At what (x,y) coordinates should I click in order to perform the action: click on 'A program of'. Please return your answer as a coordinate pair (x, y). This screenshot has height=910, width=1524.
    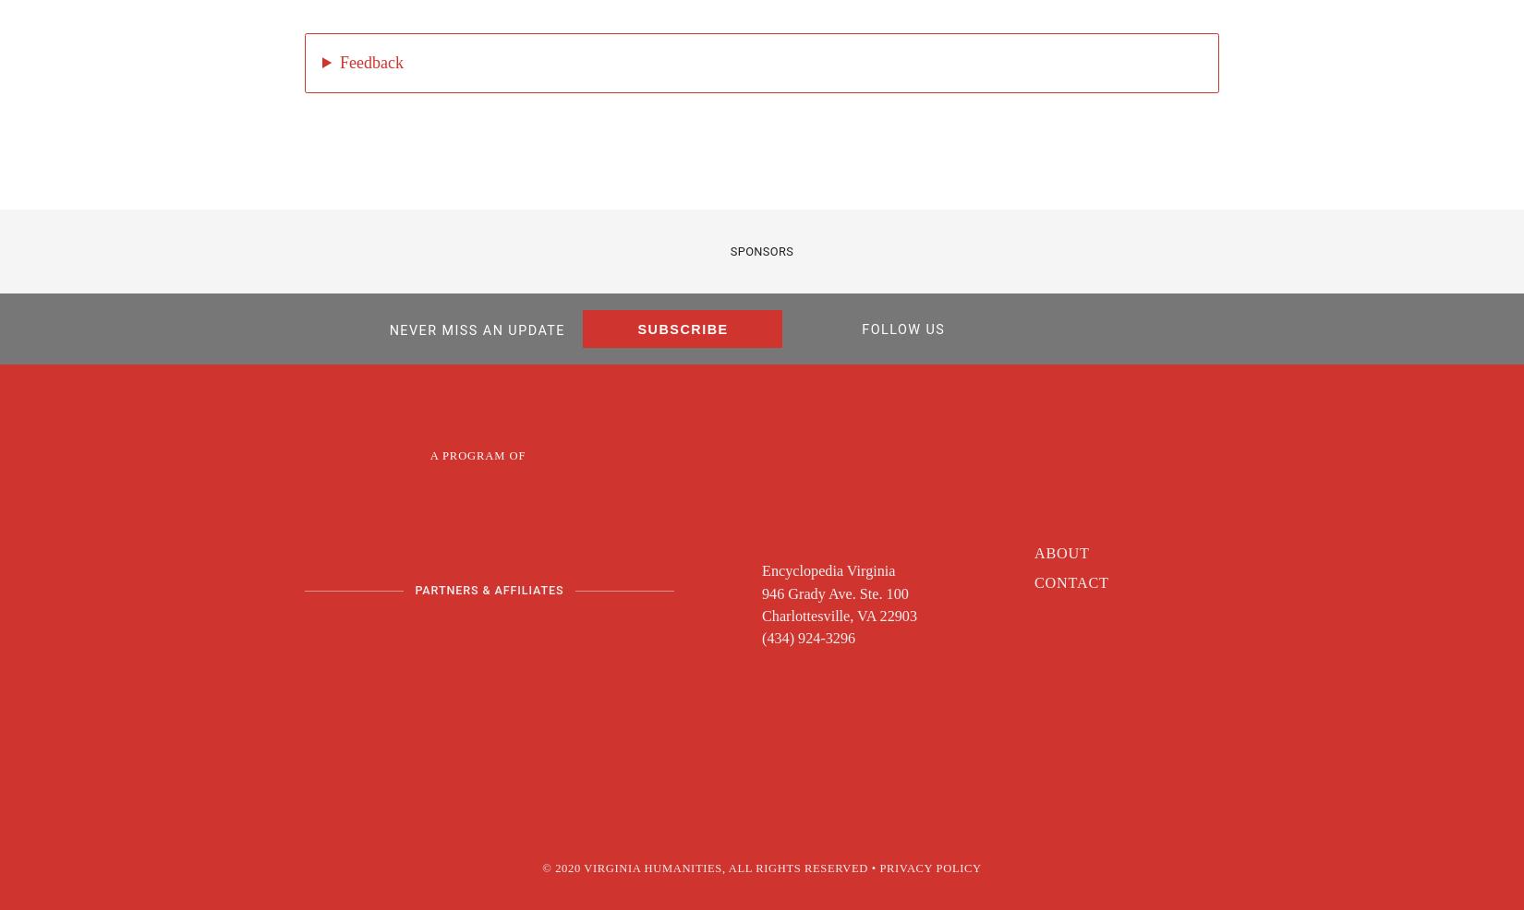
    Looking at the image, I should click on (476, 455).